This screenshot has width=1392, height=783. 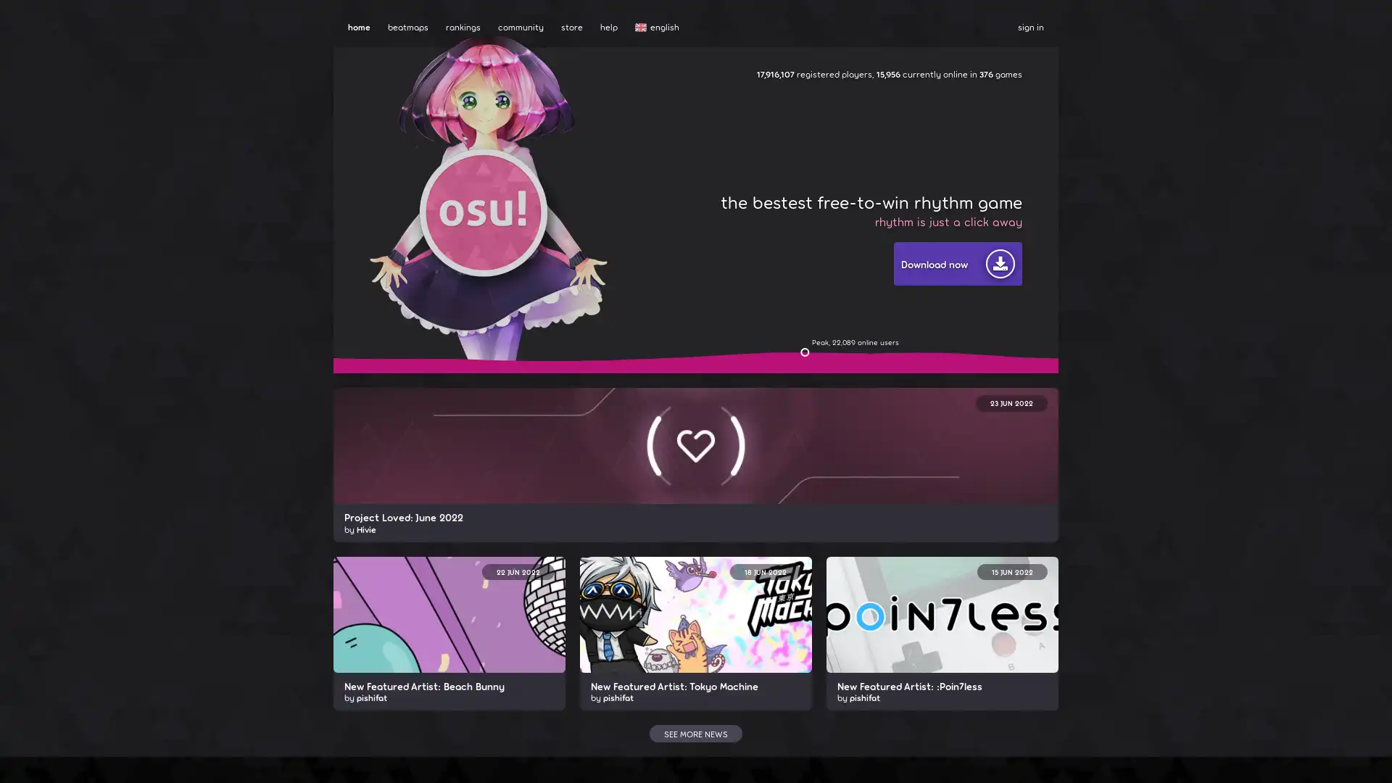 What do you see at coordinates (678, 161) in the screenshot?
I see `deutsch` at bounding box center [678, 161].